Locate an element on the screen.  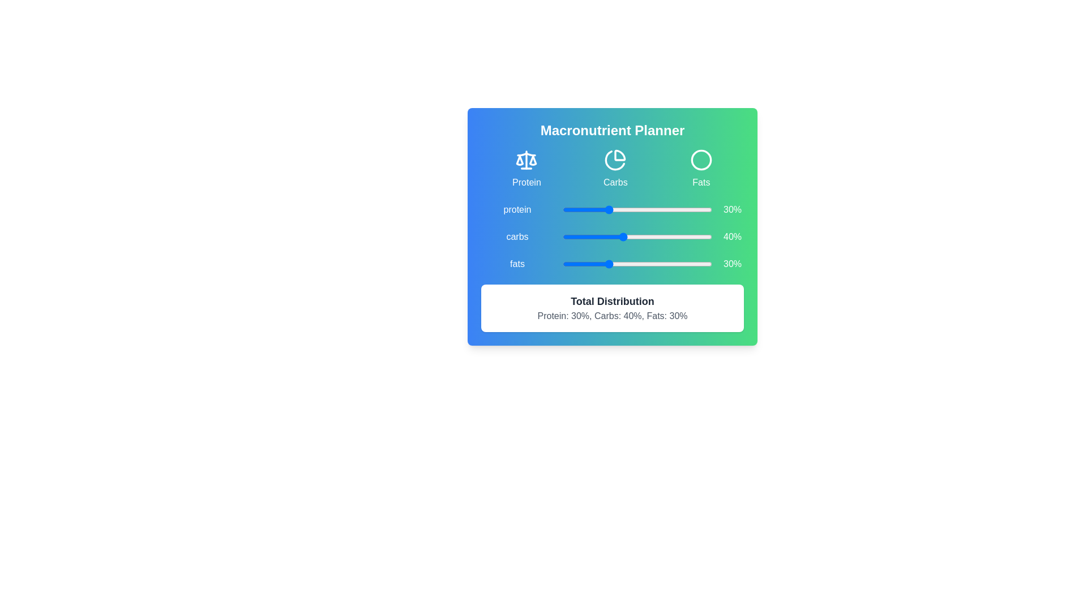
the small pie chart icon with a highlighted quarter section located under the 'Macronutrient Planner' header, positioned between the 'Protein' and 'Fats' icons is located at coordinates (614, 160).